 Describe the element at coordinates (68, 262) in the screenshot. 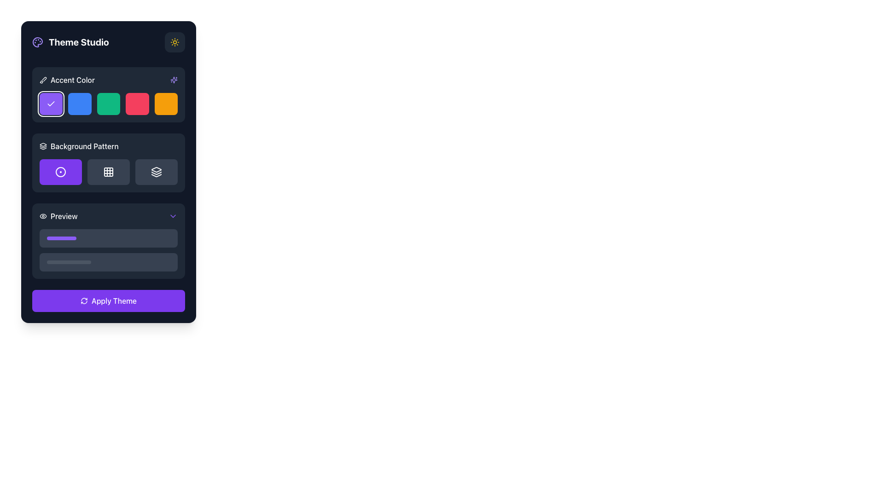

I see `the dark gray progress bar element located at the bottom of the 'Preview' section of the interface` at that location.